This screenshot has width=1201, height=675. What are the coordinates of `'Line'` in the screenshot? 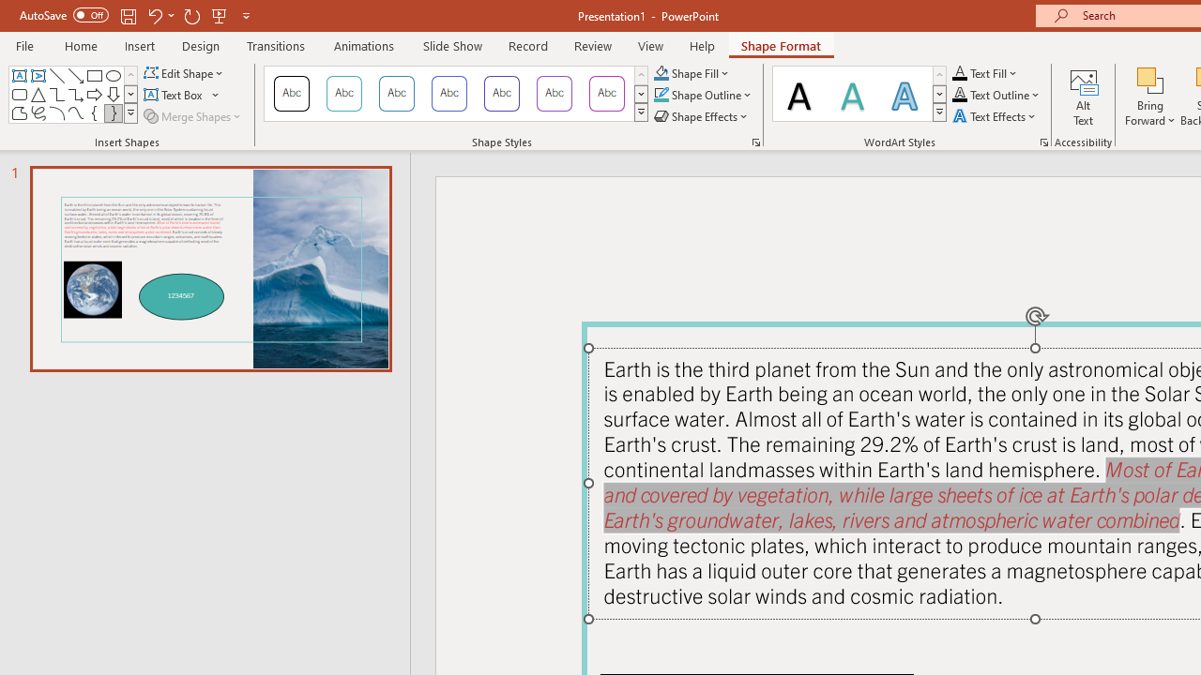 It's located at (56, 75).